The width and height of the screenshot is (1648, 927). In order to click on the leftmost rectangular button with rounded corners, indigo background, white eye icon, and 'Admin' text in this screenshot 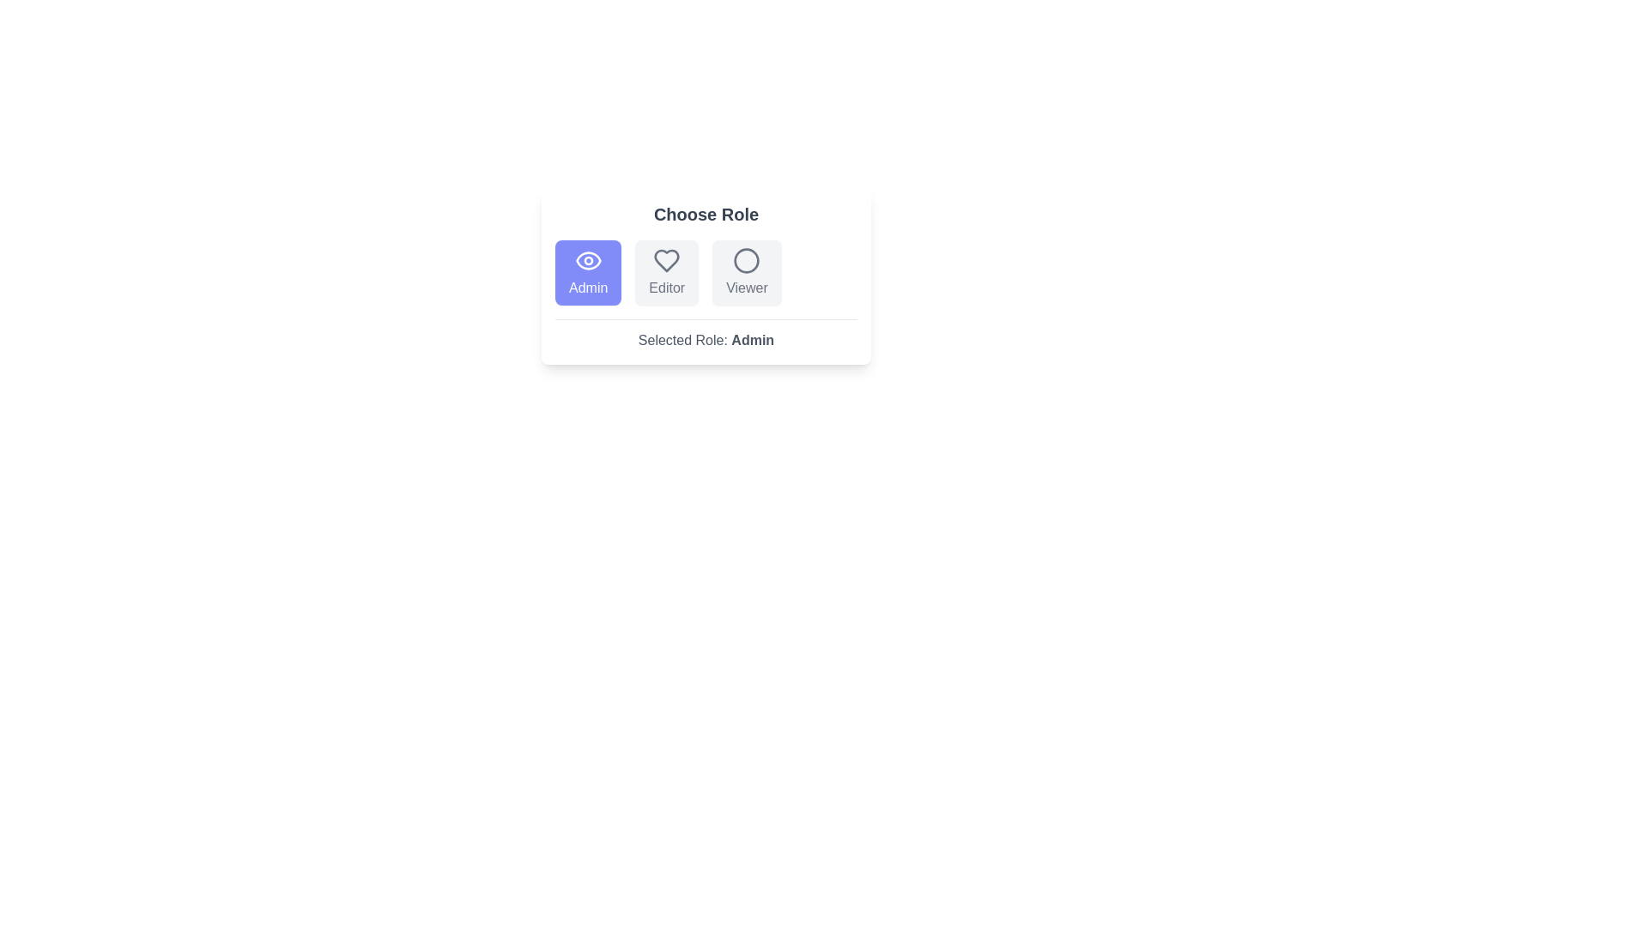, I will do `click(588, 271)`.